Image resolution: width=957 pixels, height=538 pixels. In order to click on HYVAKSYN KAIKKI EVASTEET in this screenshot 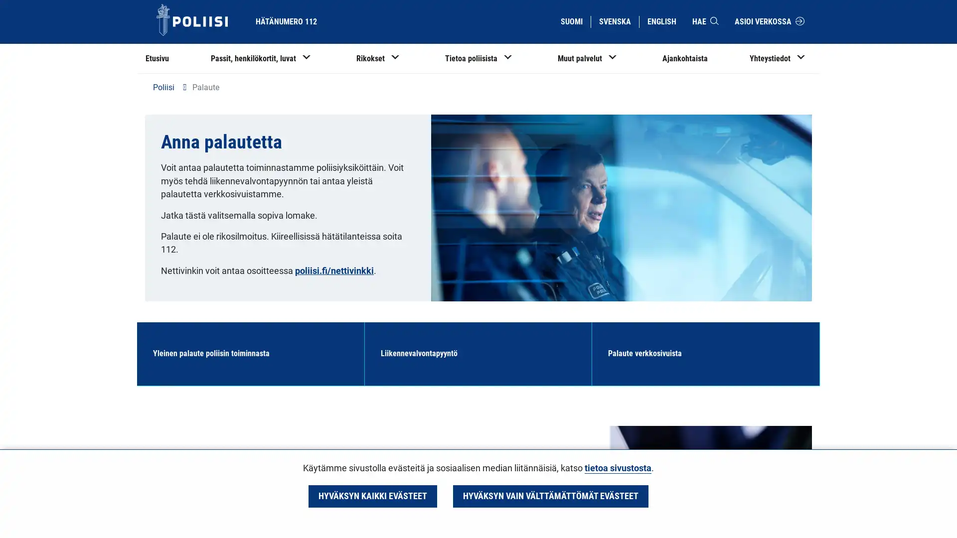, I will do `click(372, 496)`.